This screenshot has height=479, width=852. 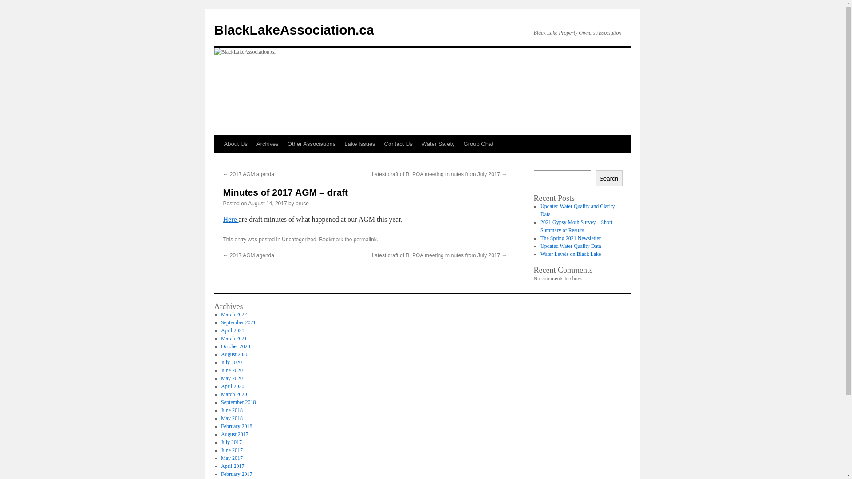 What do you see at coordinates (232, 330) in the screenshot?
I see `'April 2021'` at bounding box center [232, 330].